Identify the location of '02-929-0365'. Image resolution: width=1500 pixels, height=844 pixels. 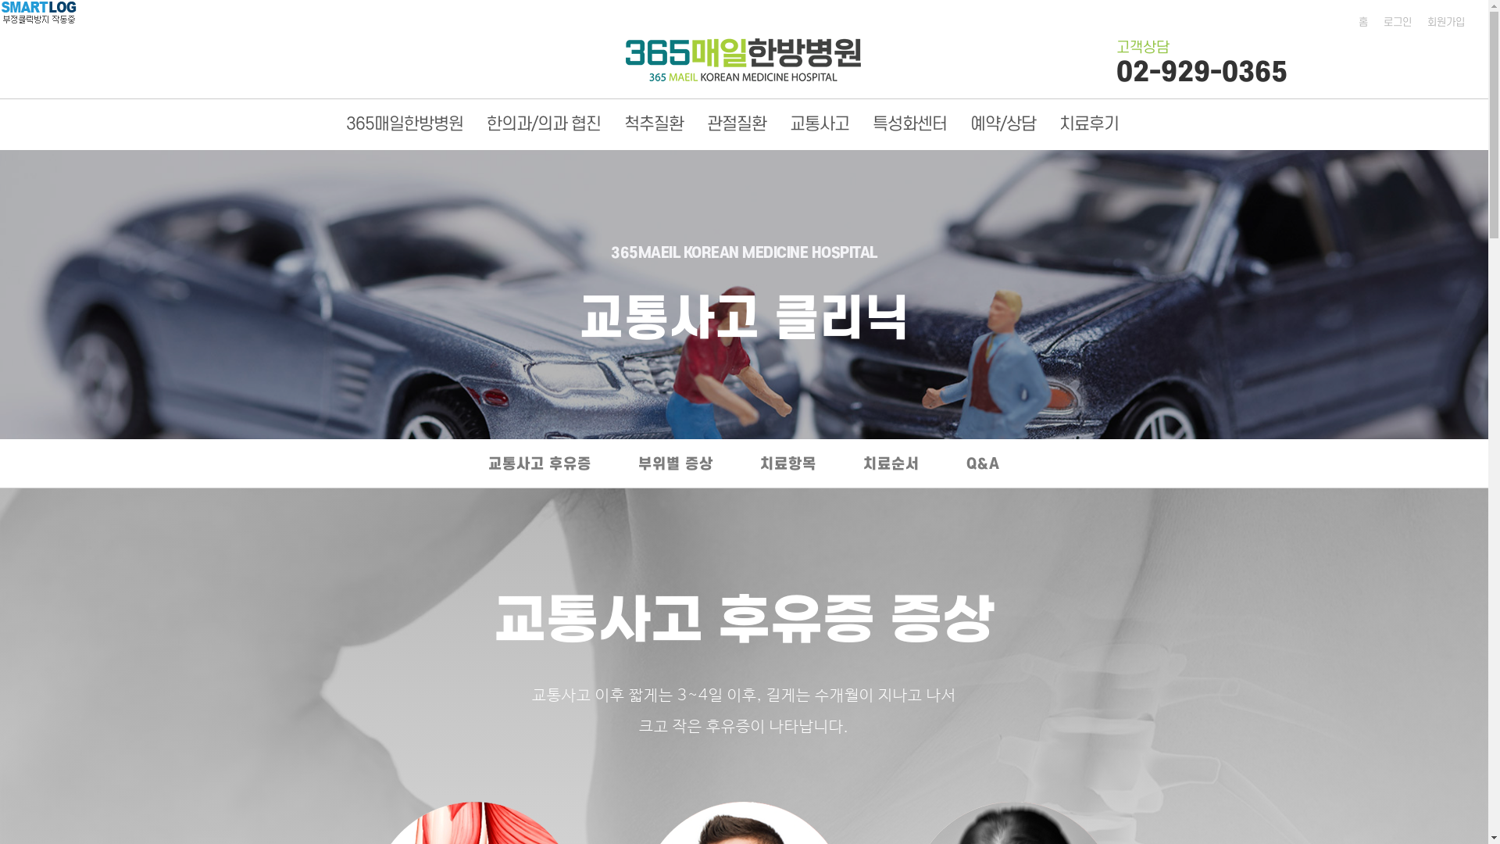
(1116, 72).